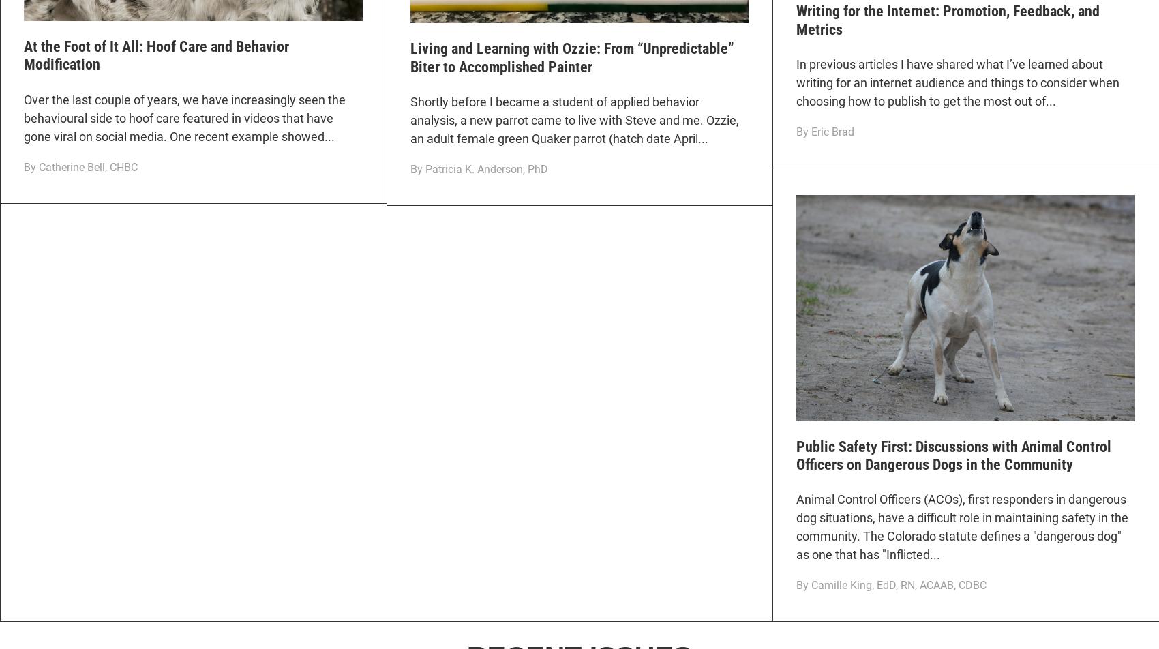  I want to click on 'In previous articles I have shared what I’ve learned about writing for an internet audience and things to consider when choosing how to publish to get the most out of...', so click(957, 82).